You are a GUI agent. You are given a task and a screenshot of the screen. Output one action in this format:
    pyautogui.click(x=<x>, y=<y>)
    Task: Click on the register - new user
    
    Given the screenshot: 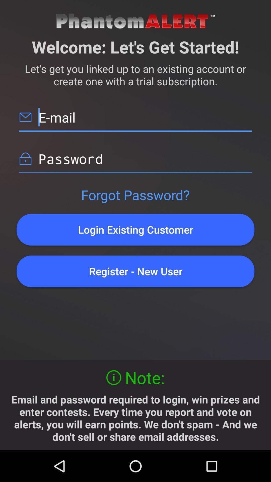 What is the action you would take?
    pyautogui.click(x=135, y=271)
    